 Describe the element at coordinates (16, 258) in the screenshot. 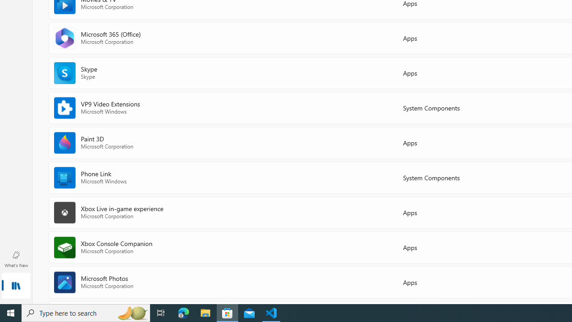

I see `'What'` at that location.